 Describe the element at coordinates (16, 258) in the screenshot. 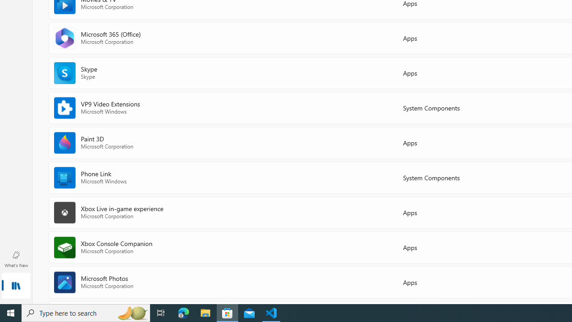

I see `'What'` at that location.